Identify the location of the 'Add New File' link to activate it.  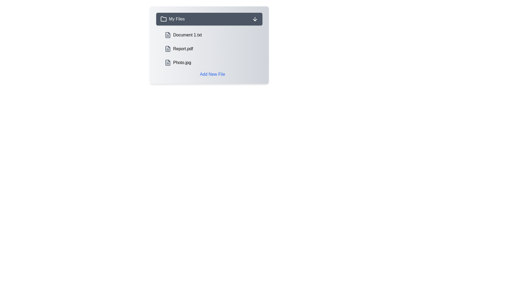
(212, 74).